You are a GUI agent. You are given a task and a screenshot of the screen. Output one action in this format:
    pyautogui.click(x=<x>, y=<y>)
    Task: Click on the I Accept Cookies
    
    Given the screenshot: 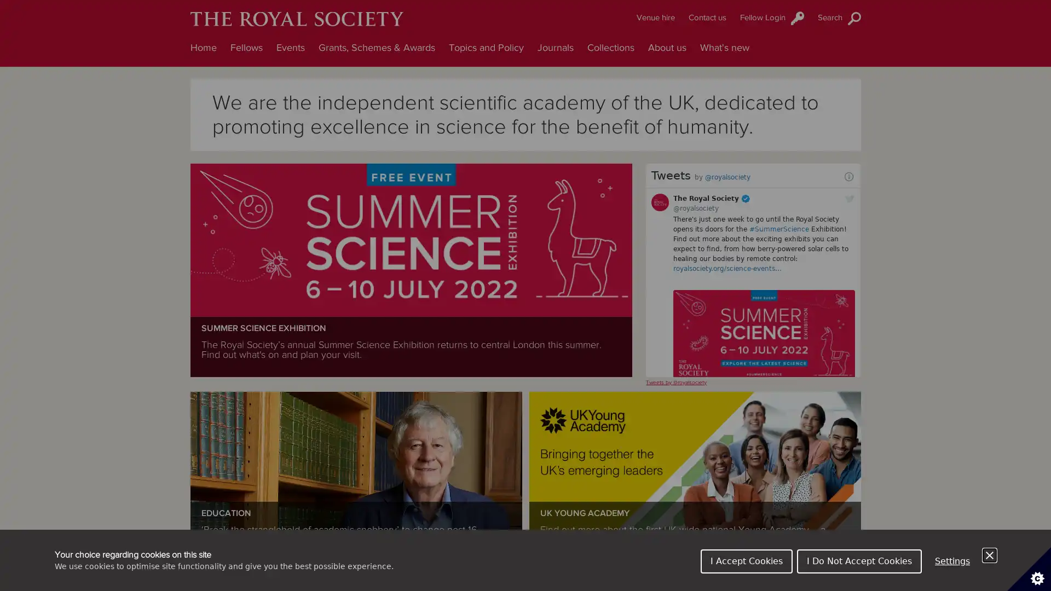 What is the action you would take?
    pyautogui.click(x=746, y=561)
    